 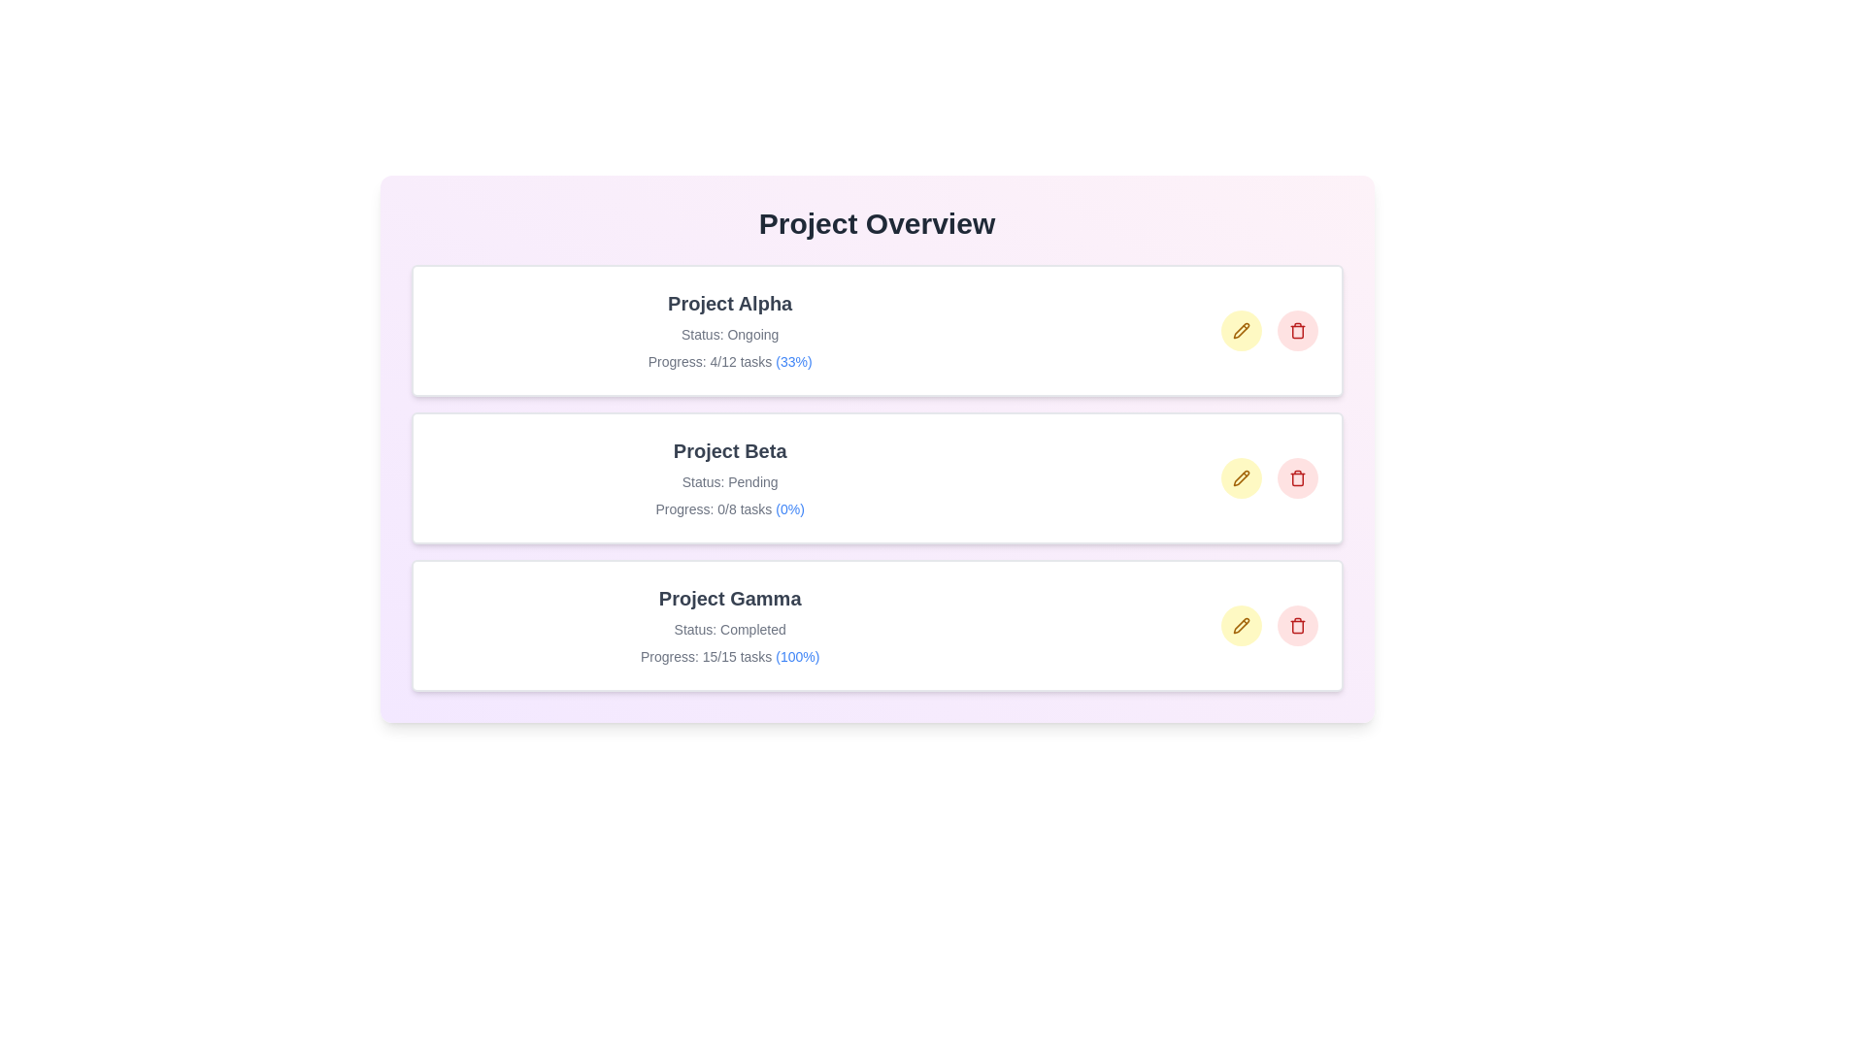 I want to click on trash icon to delete the project Project Beta, so click(x=1297, y=478).